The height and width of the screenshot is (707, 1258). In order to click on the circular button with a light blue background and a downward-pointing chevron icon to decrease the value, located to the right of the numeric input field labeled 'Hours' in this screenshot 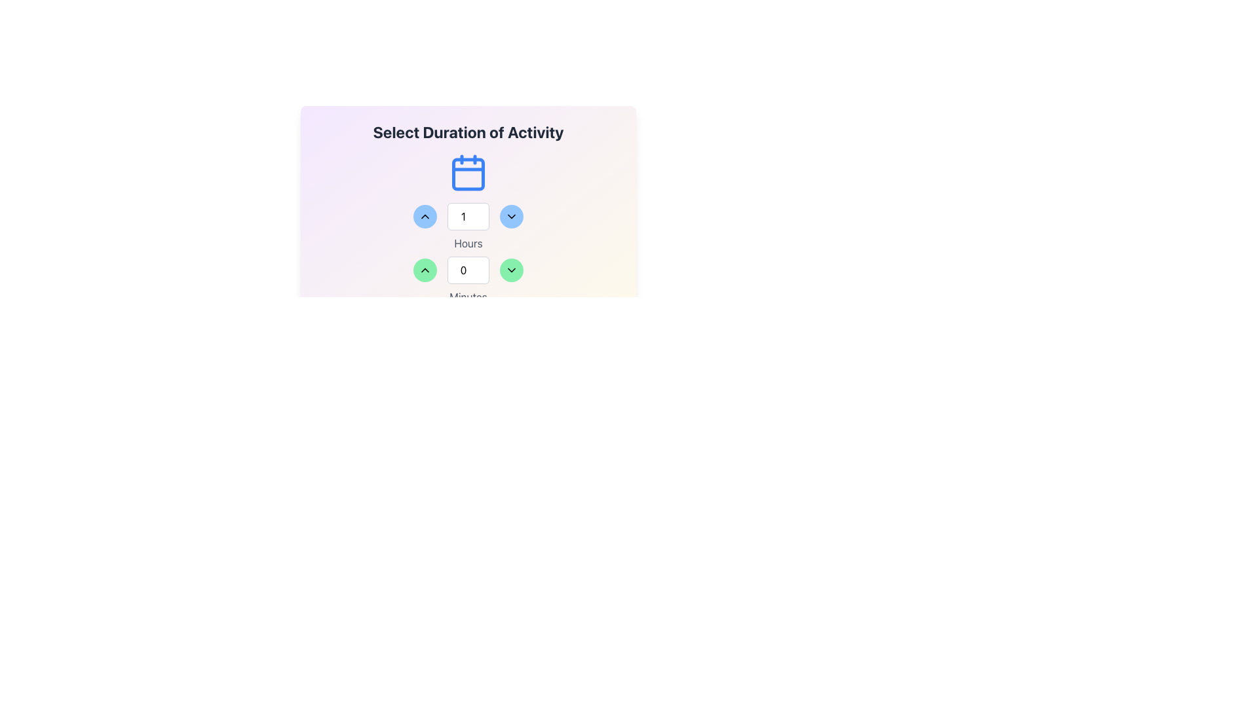, I will do `click(511, 216)`.